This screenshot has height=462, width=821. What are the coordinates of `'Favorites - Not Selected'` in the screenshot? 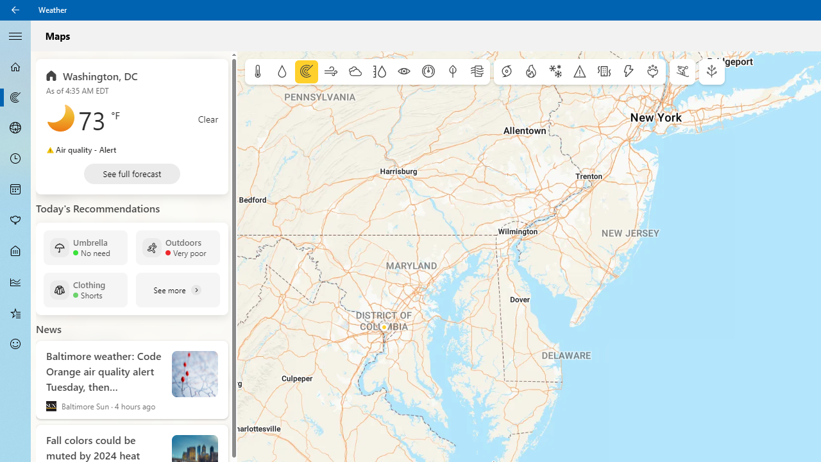 It's located at (15, 312).